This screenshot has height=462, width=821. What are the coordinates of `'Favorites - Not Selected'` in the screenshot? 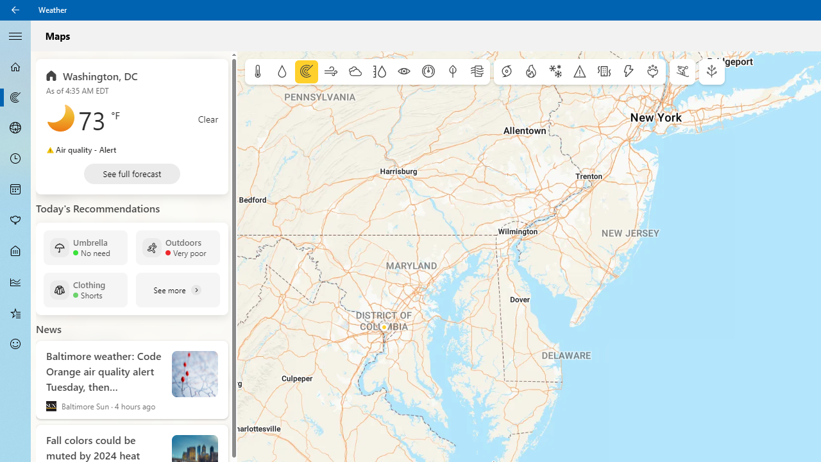 It's located at (15, 312).